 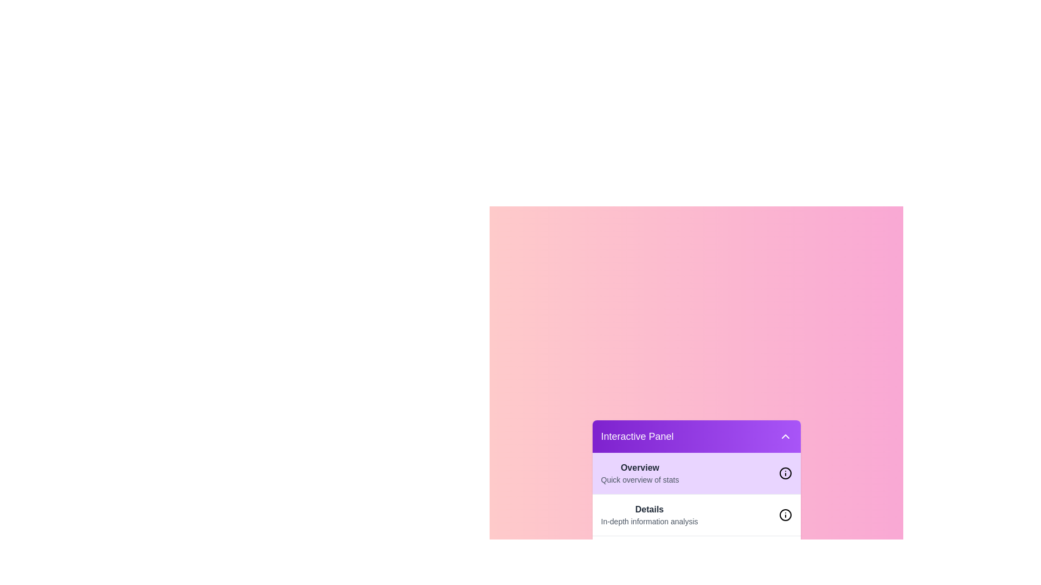 What do you see at coordinates (785, 515) in the screenshot?
I see `the information icon for the menu item Details` at bounding box center [785, 515].